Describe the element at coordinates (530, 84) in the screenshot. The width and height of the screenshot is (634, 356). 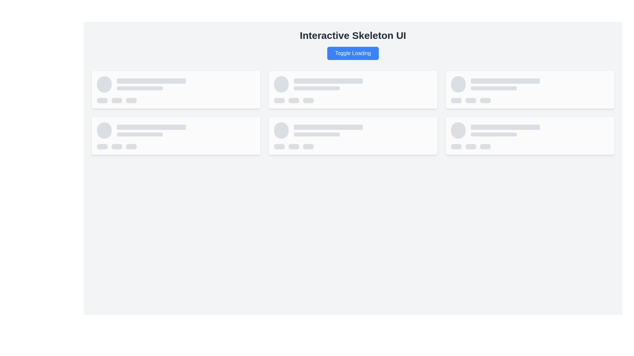
I see `the Skeleton placeholder located in the last card on the top-right row of the grid layout, which is positioned next to a circular gray shape and contains two gray horizontal rectangles` at that location.